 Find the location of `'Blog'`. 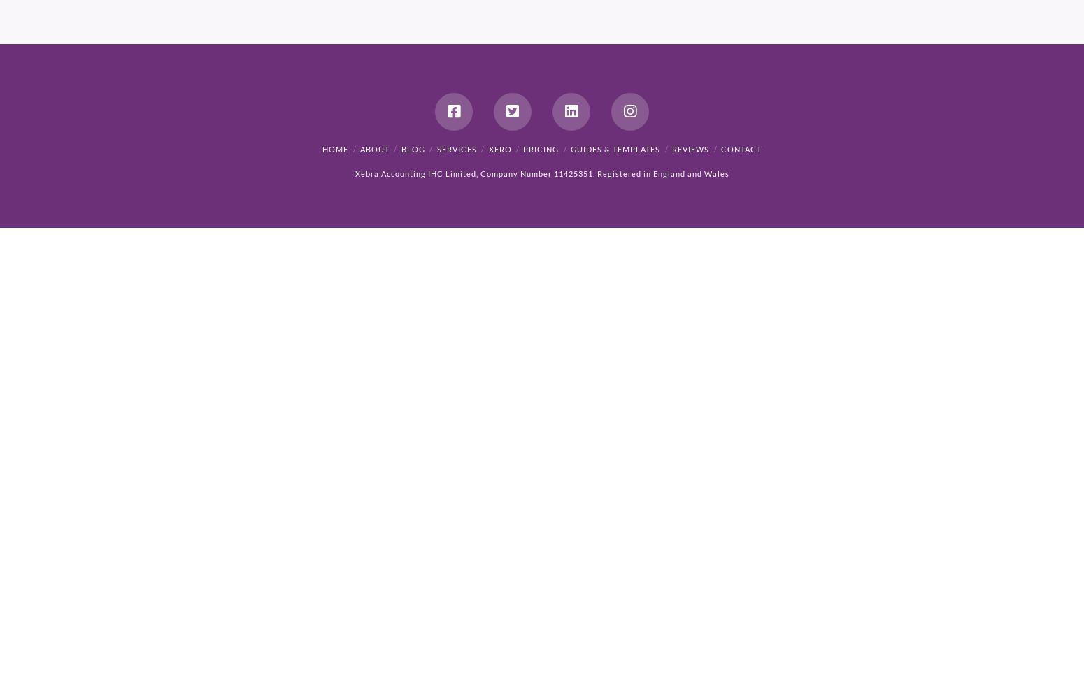

'Blog' is located at coordinates (401, 148).